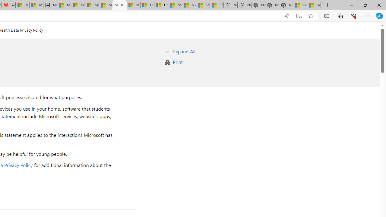 The height and width of the screenshot is (217, 386). I want to click on 'Read aloud this page (Ctrl+Shift+U)', so click(286, 16).